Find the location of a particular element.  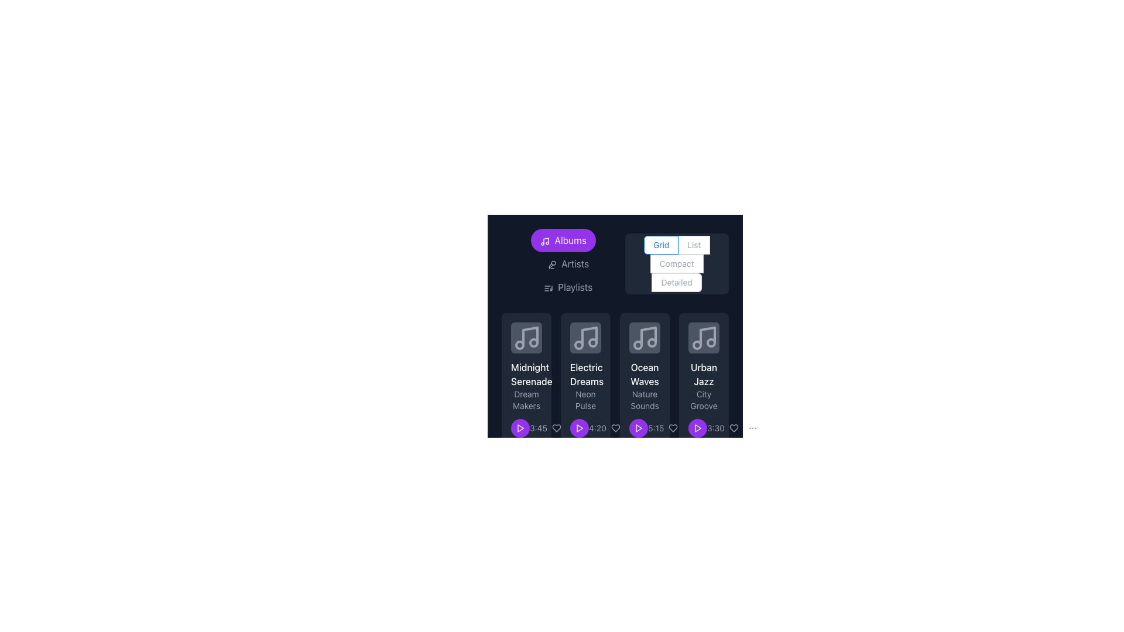

the text label displaying '3:30', which is styled in a light gray compact sans-serif font and located at the bottom right corner of the fourth card, adjacent to a purple circular button with a play icon and a heart icon is located at coordinates (715, 428).